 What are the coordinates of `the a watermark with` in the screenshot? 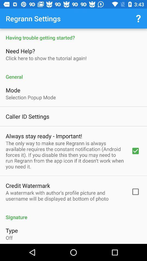 It's located at (65, 195).